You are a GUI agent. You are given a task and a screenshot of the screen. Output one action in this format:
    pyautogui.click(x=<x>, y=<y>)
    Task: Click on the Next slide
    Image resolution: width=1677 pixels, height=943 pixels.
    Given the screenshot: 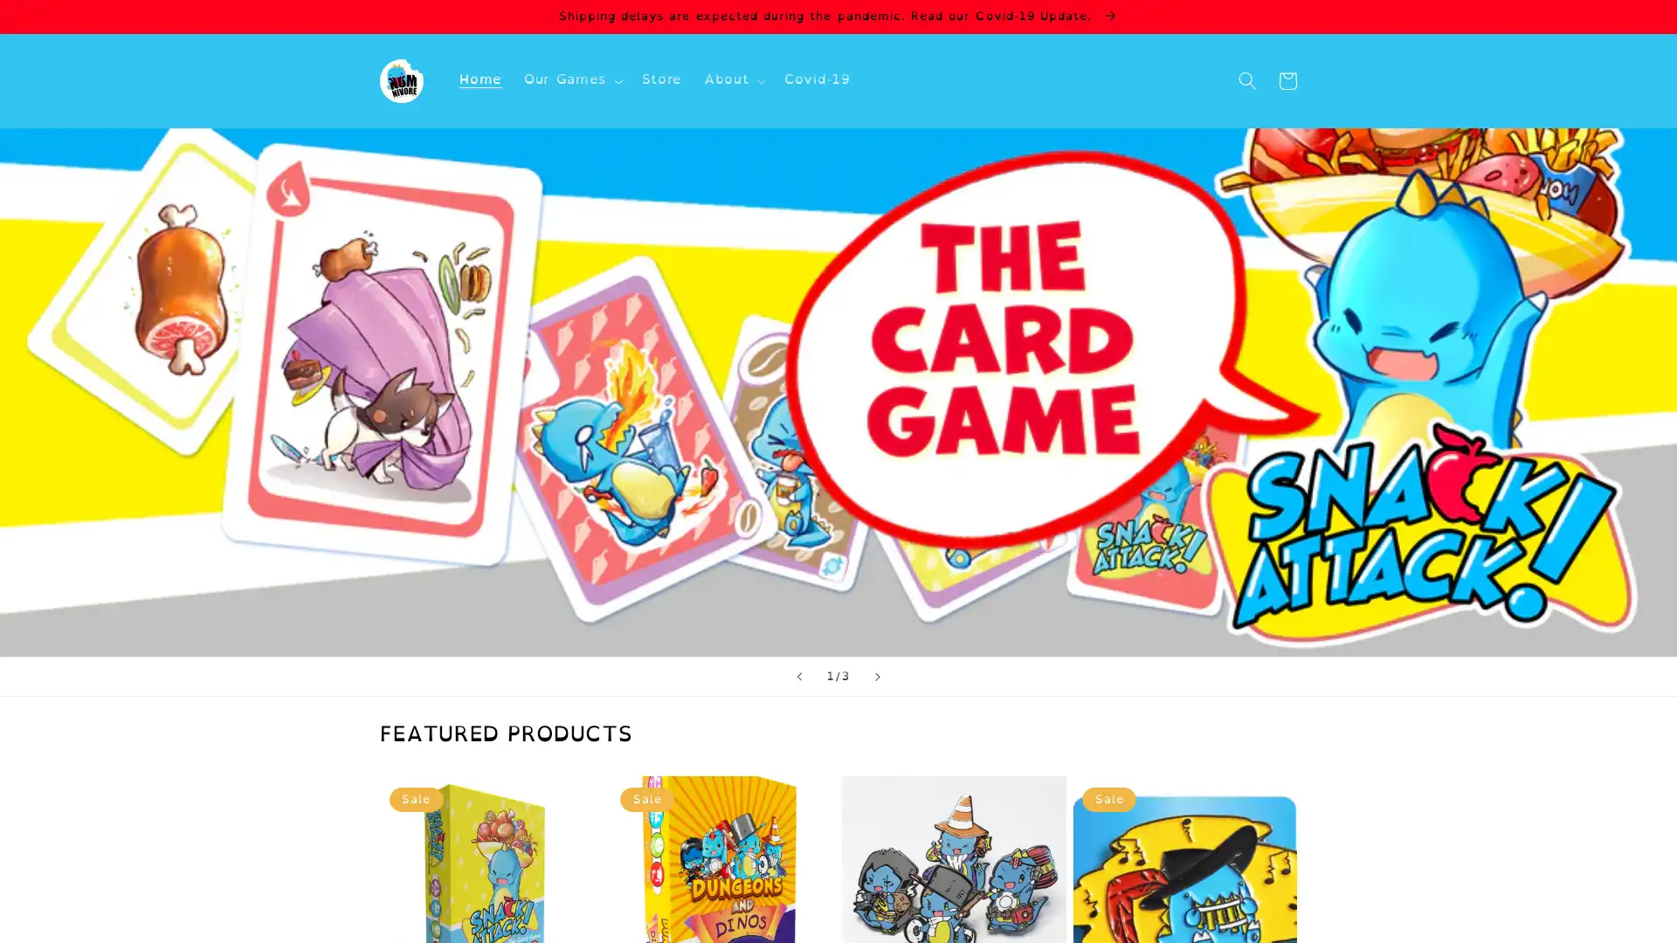 What is the action you would take?
    pyautogui.click(x=877, y=676)
    